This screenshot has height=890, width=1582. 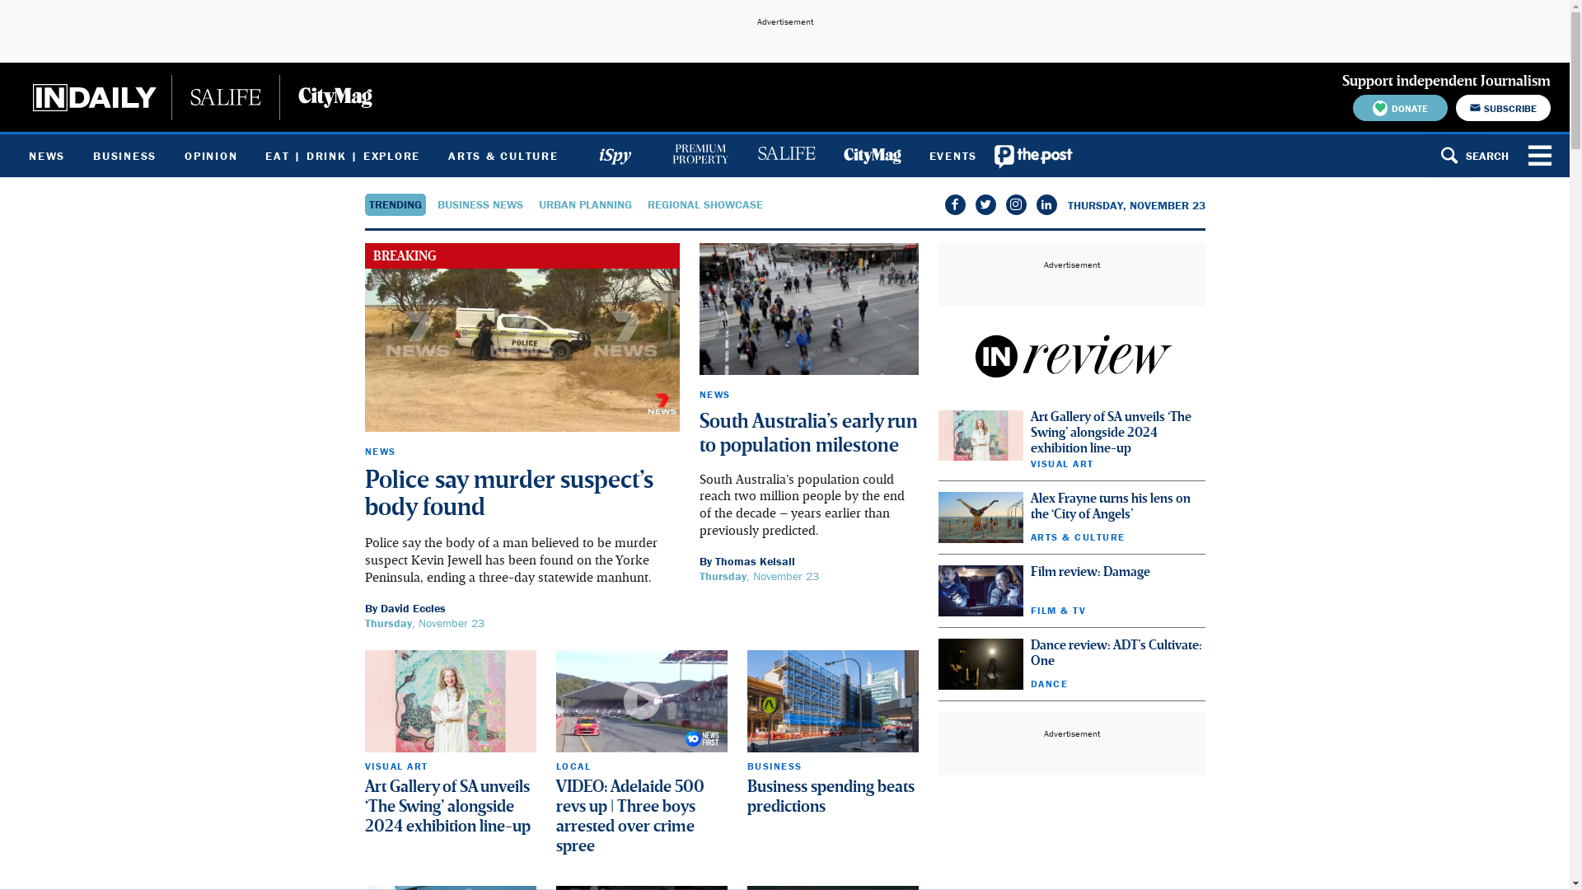 I want to click on 'BUSINESS', so click(x=773, y=766).